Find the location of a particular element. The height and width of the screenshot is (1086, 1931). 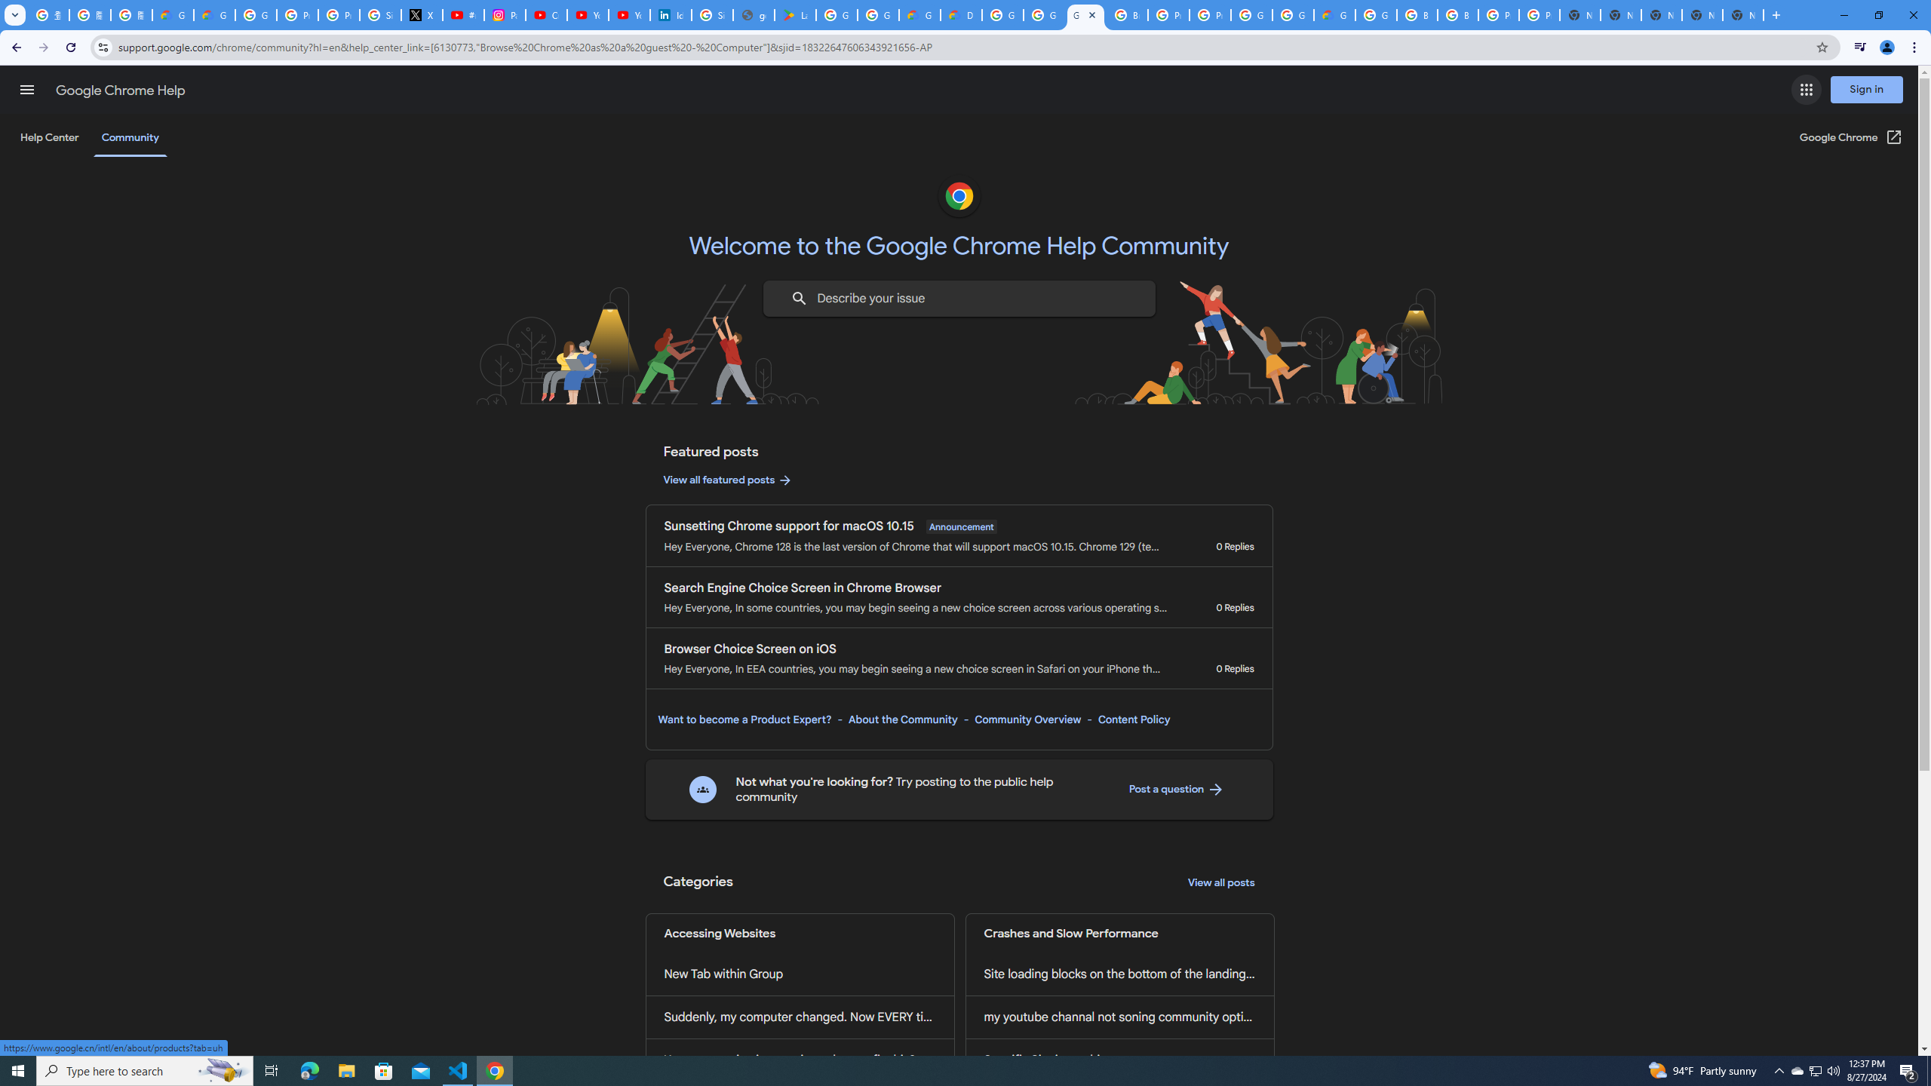

'About the Community' is located at coordinates (901, 719).